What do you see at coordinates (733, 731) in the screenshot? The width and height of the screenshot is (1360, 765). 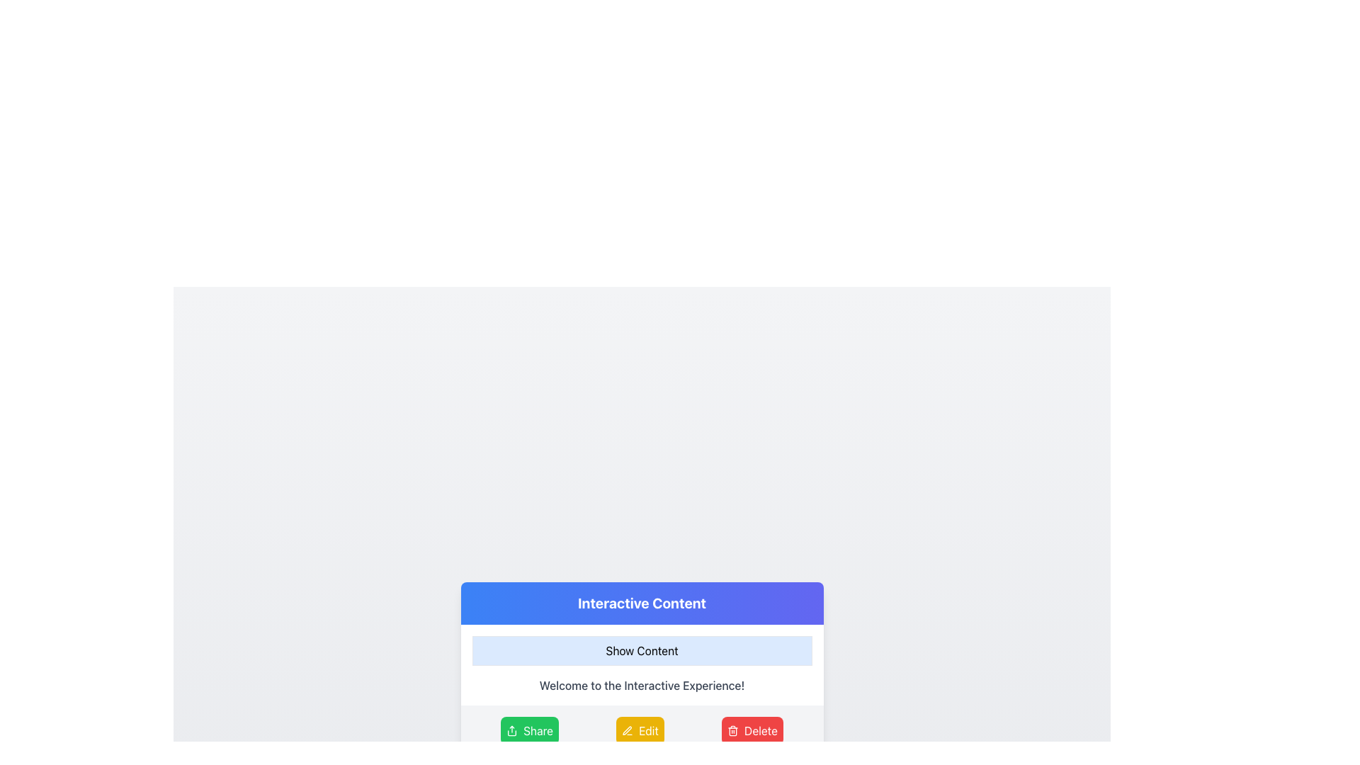 I see `the trash can icon located to the left of the 'Delete' button at the bottom of the interface, which signifies a delete action` at bounding box center [733, 731].